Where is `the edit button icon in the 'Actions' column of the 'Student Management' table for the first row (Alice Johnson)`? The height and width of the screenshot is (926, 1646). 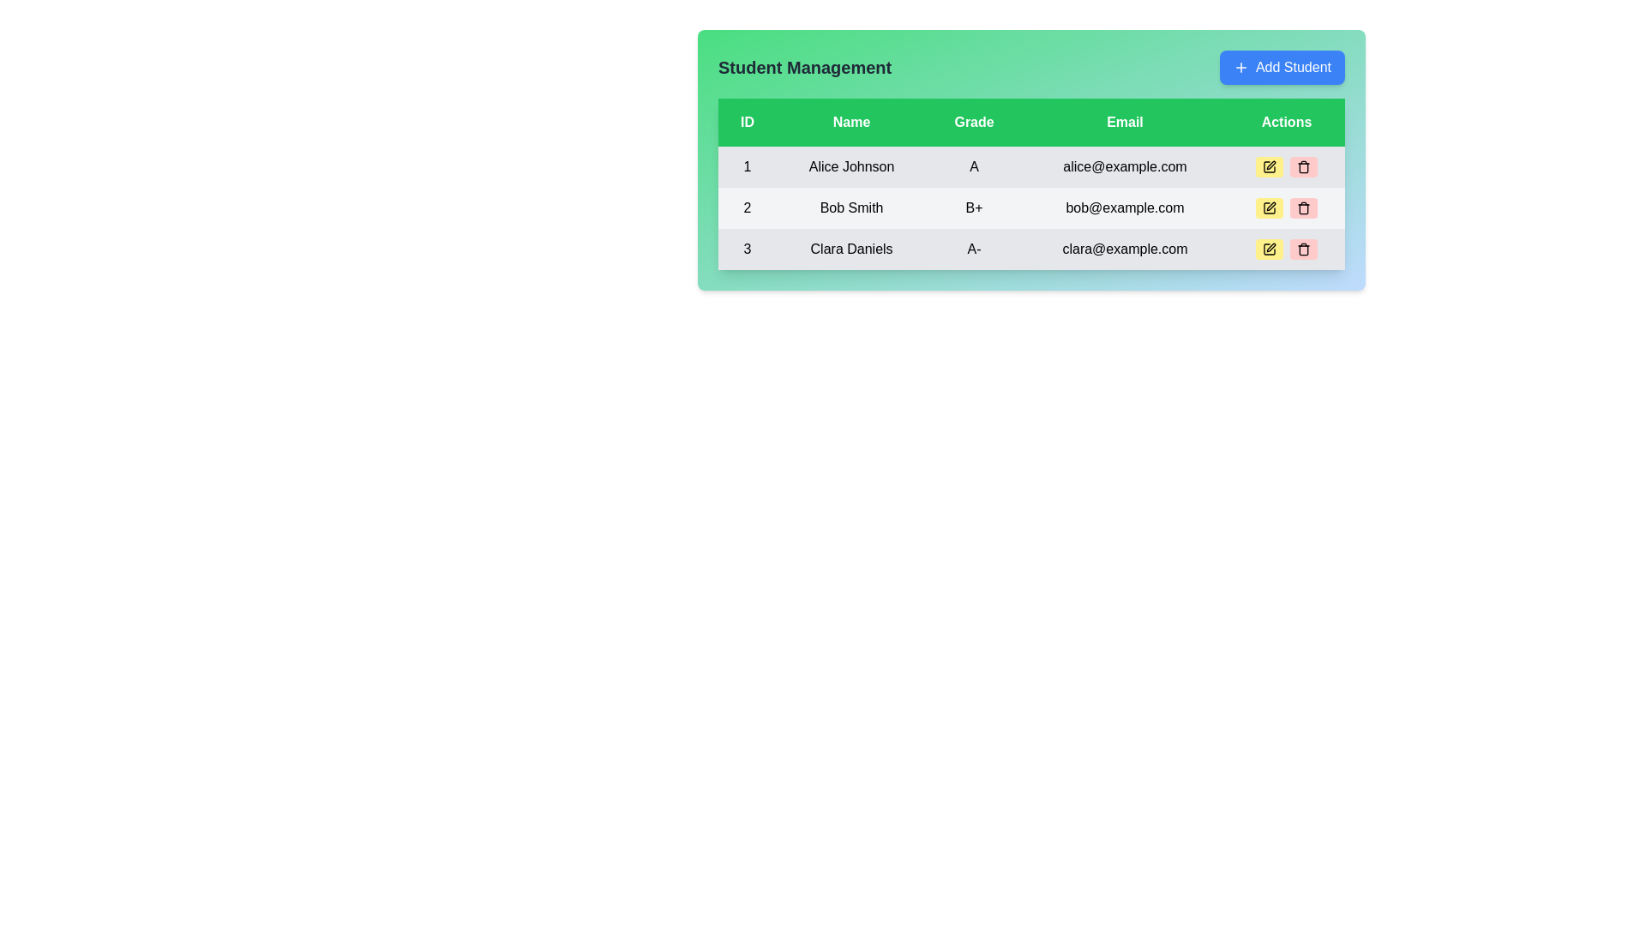
the edit button icon in the 'Actions' column of the 'Student Management' table for the first row (Alice Johnson) is located at coordinates (1271, 165).